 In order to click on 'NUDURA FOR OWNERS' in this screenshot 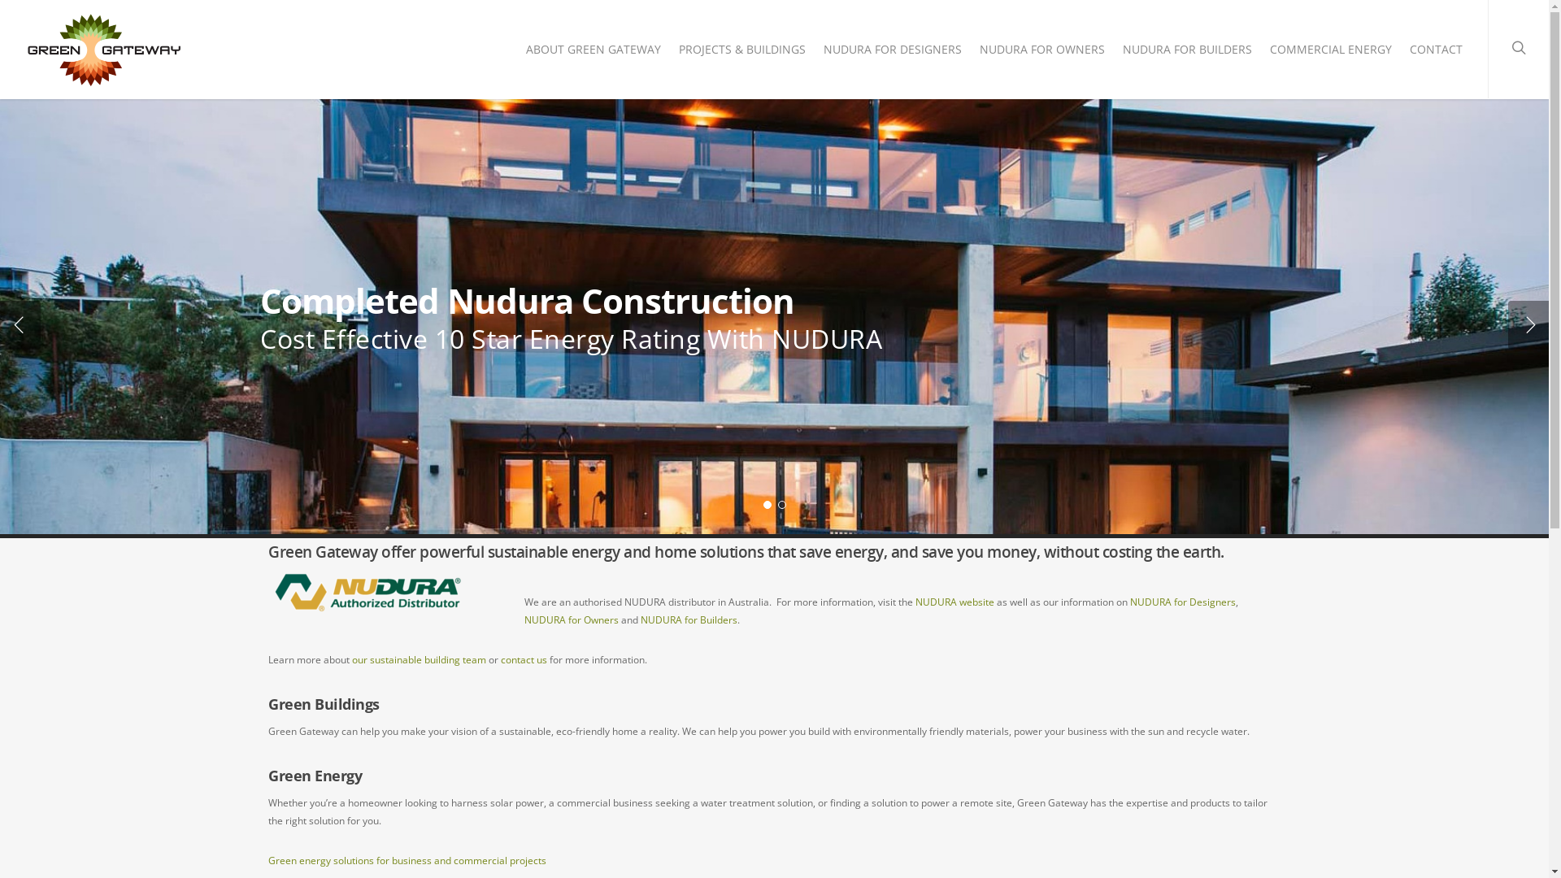, I will do `click(972, 52)`.